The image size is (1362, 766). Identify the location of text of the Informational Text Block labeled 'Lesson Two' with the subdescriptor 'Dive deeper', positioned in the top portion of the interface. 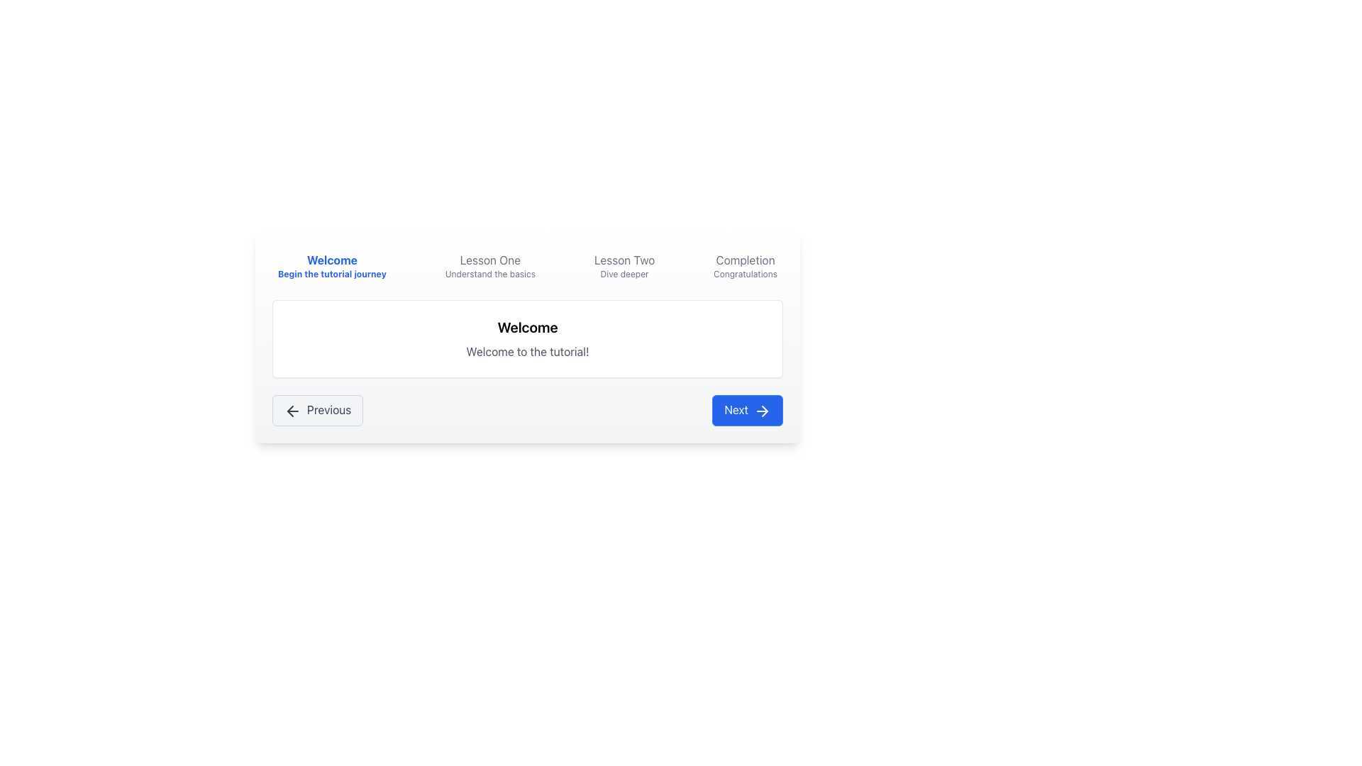
(624, 265).